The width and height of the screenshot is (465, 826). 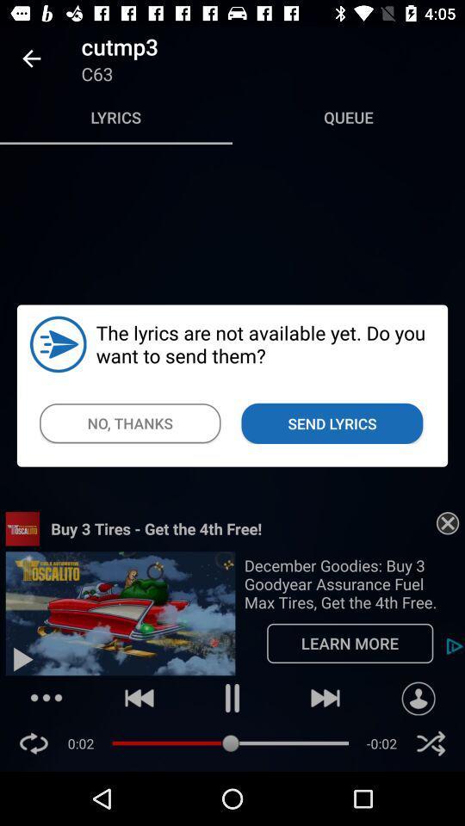 What do you see at coordinates (325, 698) in the screenshot?
I see `the skip_next icon` at bounding box center [325, 698].